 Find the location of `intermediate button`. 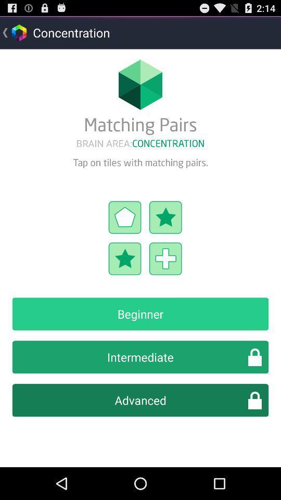

intermediate button is located at coordinates (140, 357).